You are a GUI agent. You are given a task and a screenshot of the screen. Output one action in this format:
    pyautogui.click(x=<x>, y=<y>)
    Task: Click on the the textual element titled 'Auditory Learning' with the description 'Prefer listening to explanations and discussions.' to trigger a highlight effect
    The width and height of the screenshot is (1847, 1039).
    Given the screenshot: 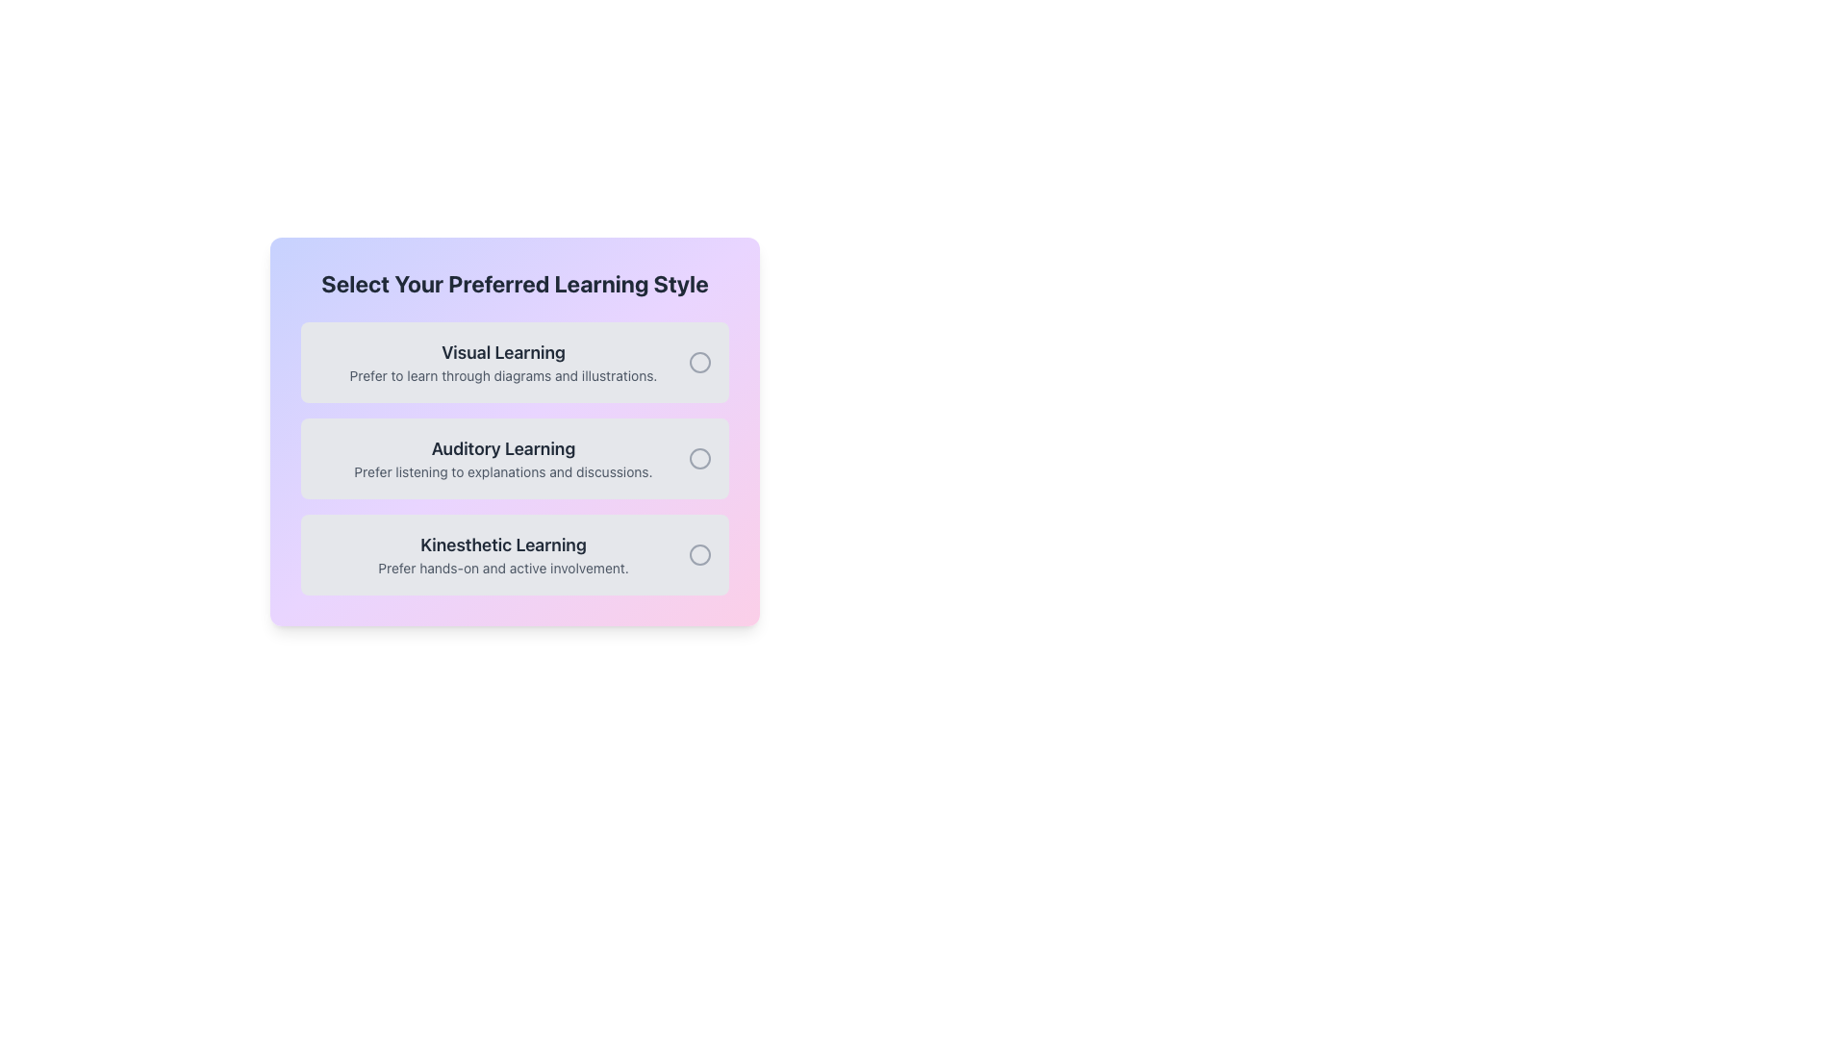 What is the action you would take?
    pyautogui.click(x=503, y=459)
    